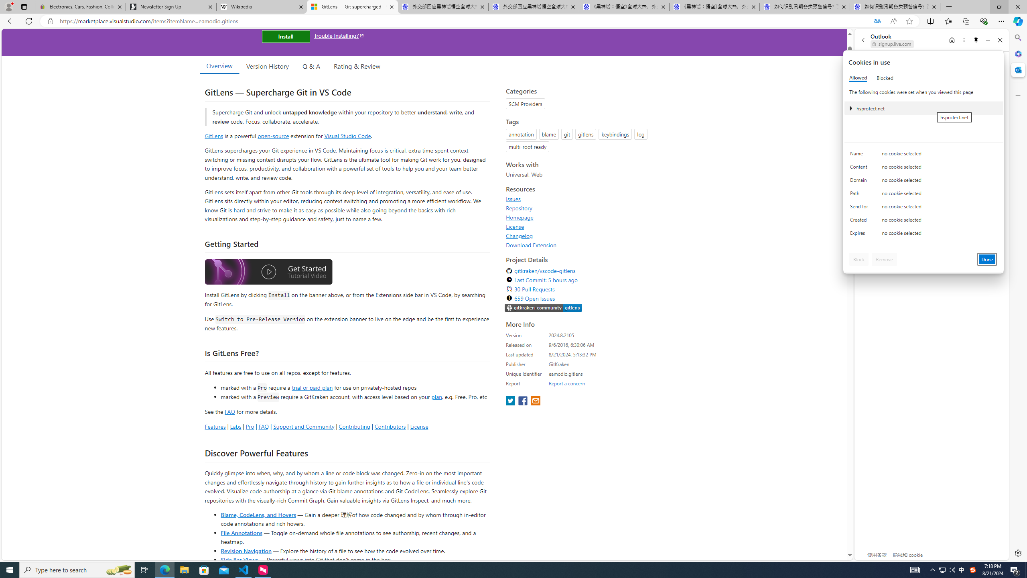 The image size is (1027, 578). I want to click on 'Block', so click(859, 259).